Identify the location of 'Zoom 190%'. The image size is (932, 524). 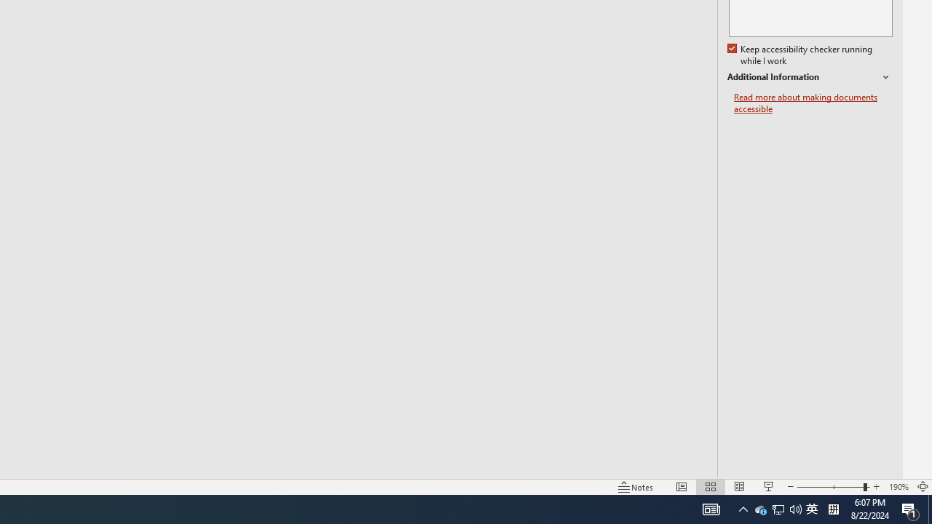
(898, 487).